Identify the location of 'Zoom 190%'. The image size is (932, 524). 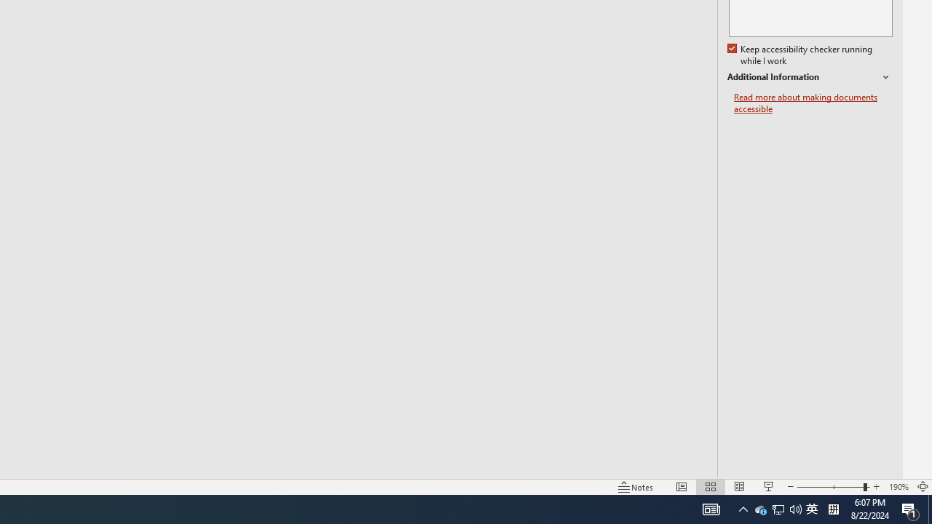
(898, 487).